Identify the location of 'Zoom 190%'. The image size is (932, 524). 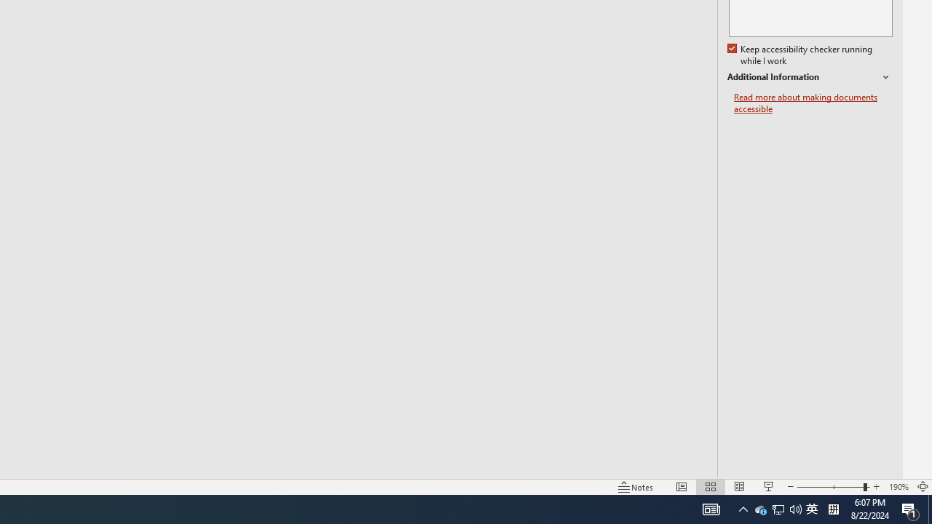
(898, 487).